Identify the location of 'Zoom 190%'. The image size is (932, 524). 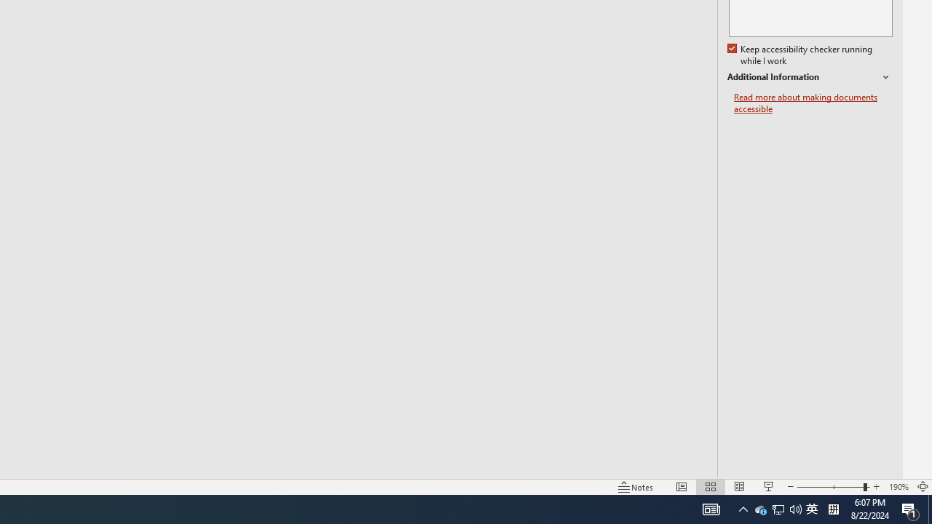
(898, 487).